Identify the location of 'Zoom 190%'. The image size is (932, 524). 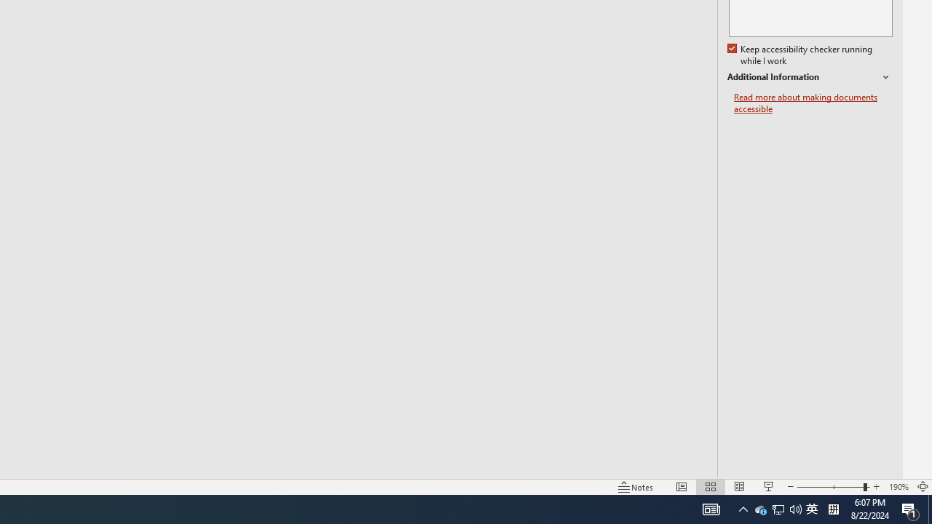
(898, 487).